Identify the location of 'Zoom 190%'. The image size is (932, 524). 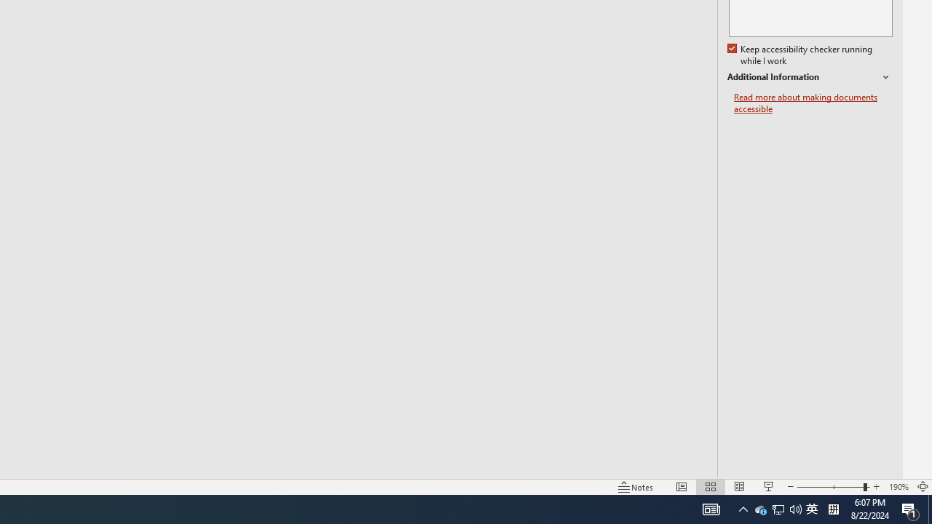
(898, 487).